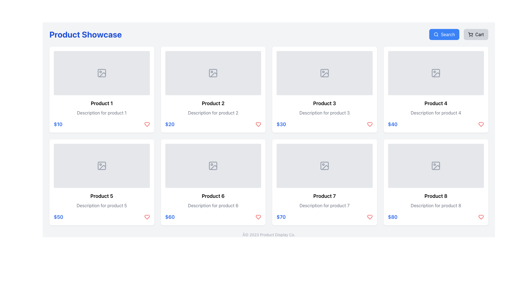 This screenshot has width=530, height=298. Describe the element at coordinates (324, 73) in the screenshot. I see `the Placeholder Image located in the third position of the first row in the product grid, which serves as a visual placeholder for a product image` at that location.